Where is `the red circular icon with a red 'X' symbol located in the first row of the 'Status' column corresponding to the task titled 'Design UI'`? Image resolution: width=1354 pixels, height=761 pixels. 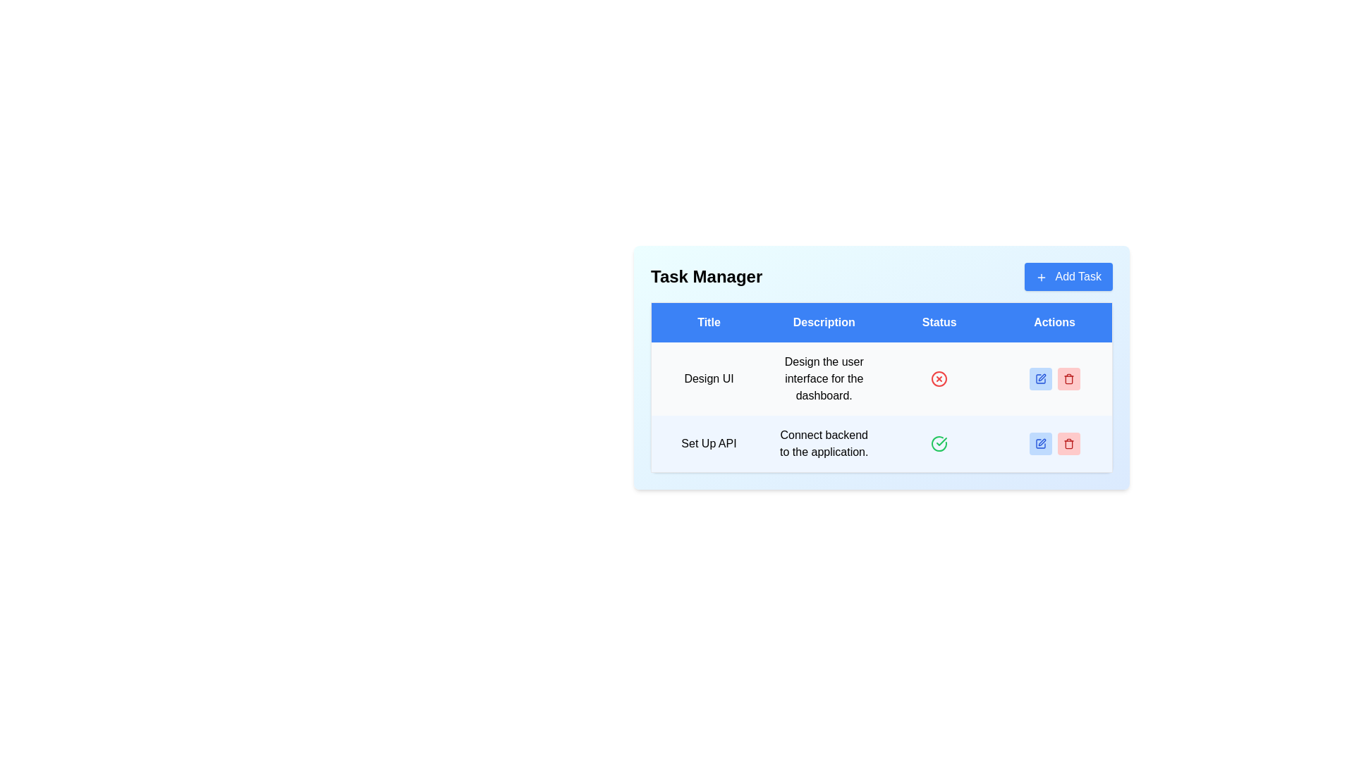
the red circular icon with a red 'X' symbol located in the first row of the 'Status' column corresponding to the task titled 'Design UI' is located at coordinates (939, 378).